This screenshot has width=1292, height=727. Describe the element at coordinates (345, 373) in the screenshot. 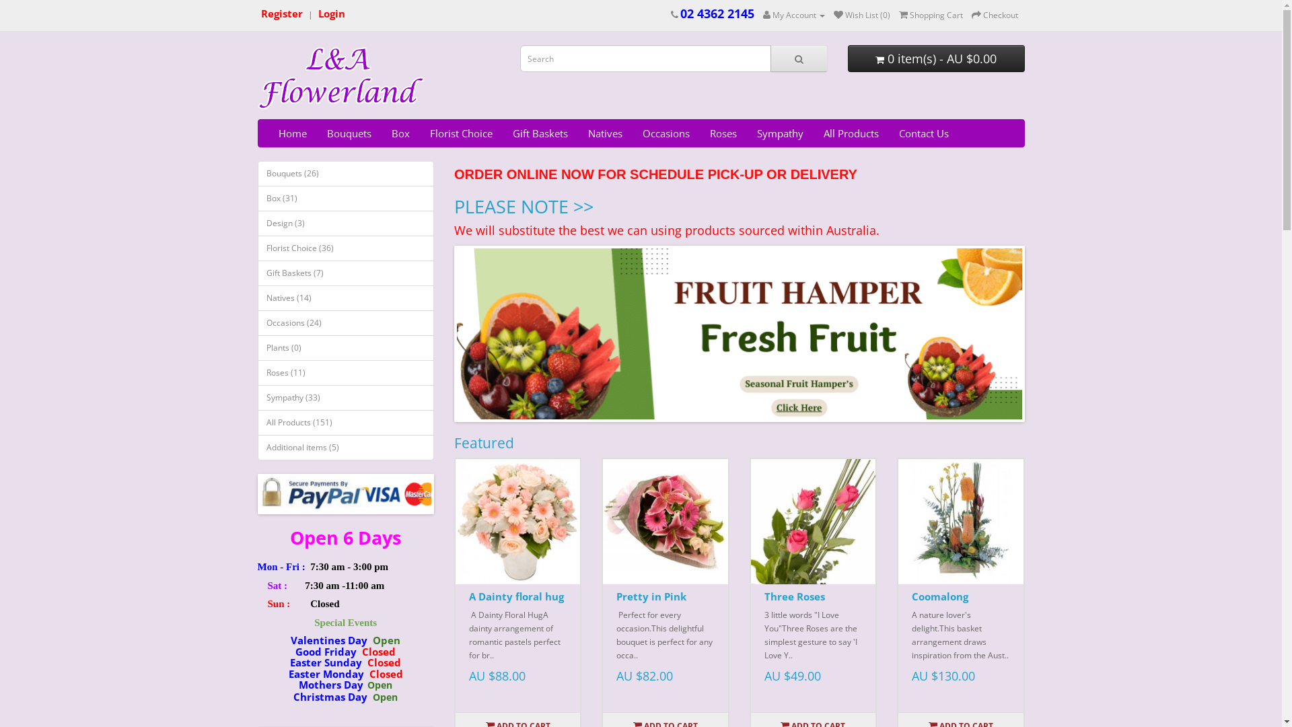

I see `'Roses (11)'` at that location.